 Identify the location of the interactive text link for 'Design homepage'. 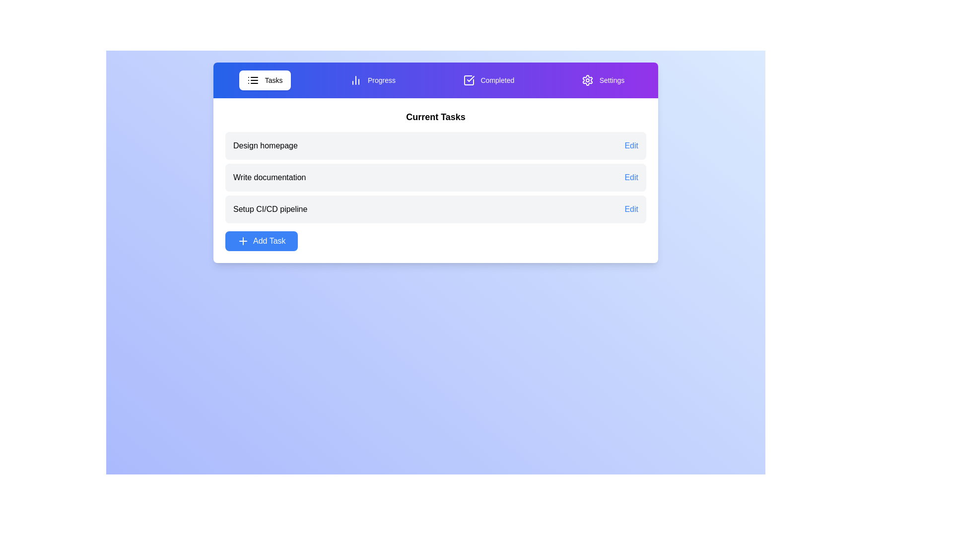
(631, 145).